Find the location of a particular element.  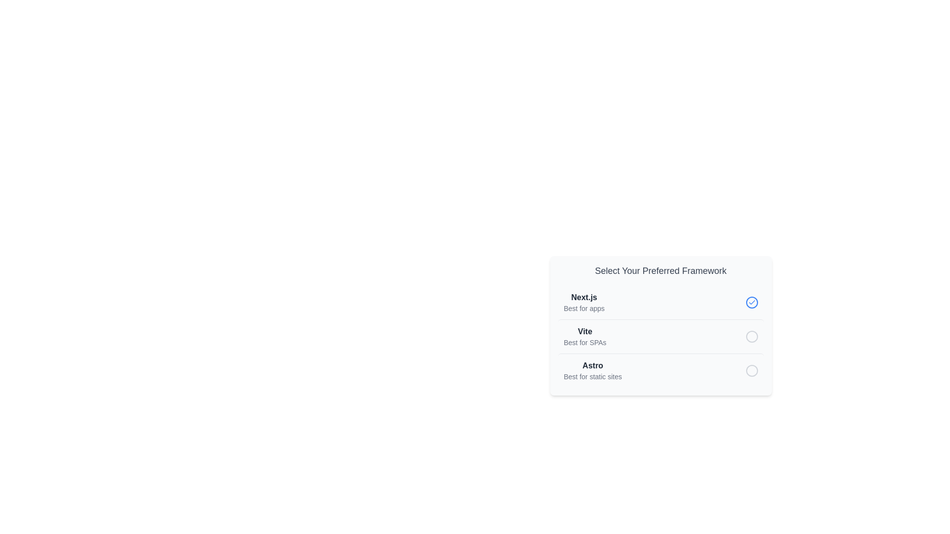

the radio button located is located at coordinates (752, 336).